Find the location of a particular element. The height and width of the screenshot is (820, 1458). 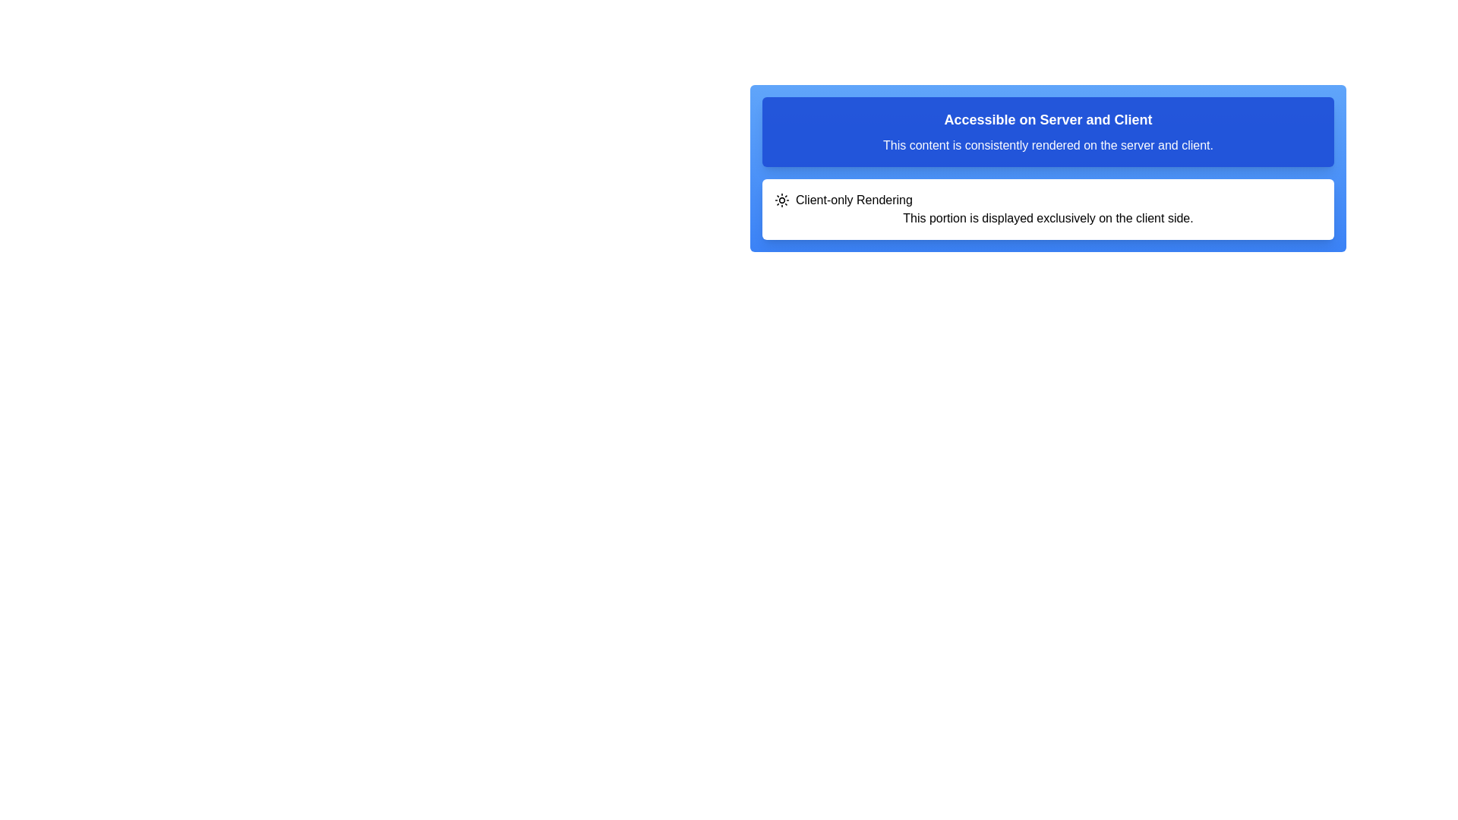

the icon that represents the 'Client-only Rendering' functionality, which is located at the beginning of the horizontal row containing this text is located at coordinates (782, 199).